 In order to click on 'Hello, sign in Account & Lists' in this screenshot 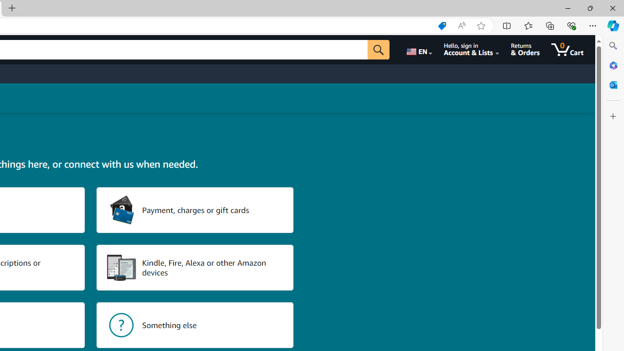, I will do `click(471, 49)`.